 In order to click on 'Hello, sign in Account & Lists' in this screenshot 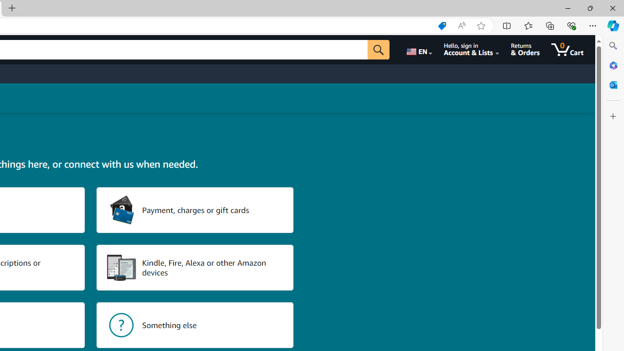, I will do `click(471, 49)`.